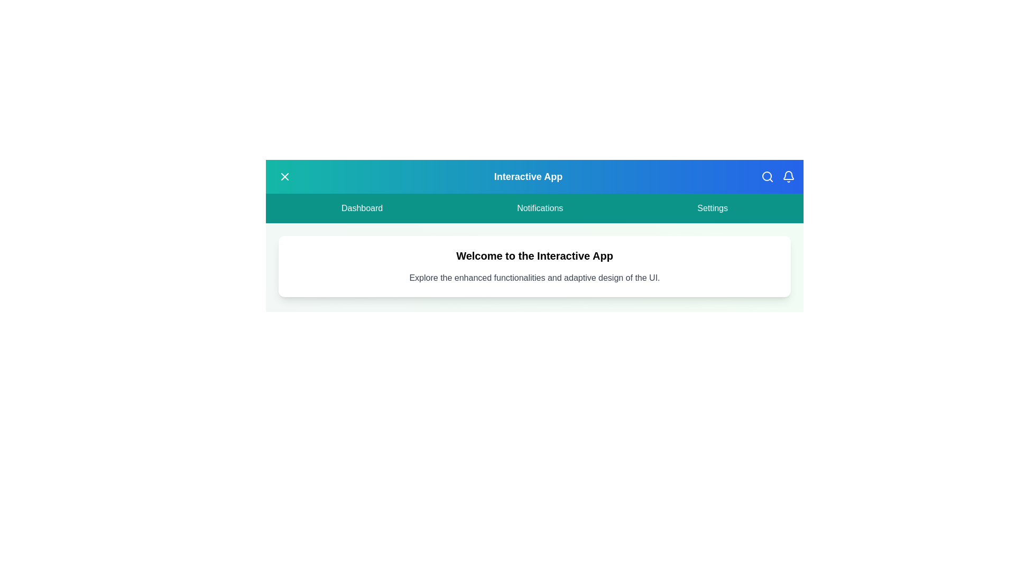 The image size is (1015, 570). What do you see at coordinates (362, 208) in the screenshot?
I see `the 'Dashboard' link in the navigation bar` at bounding box center [362, 208].